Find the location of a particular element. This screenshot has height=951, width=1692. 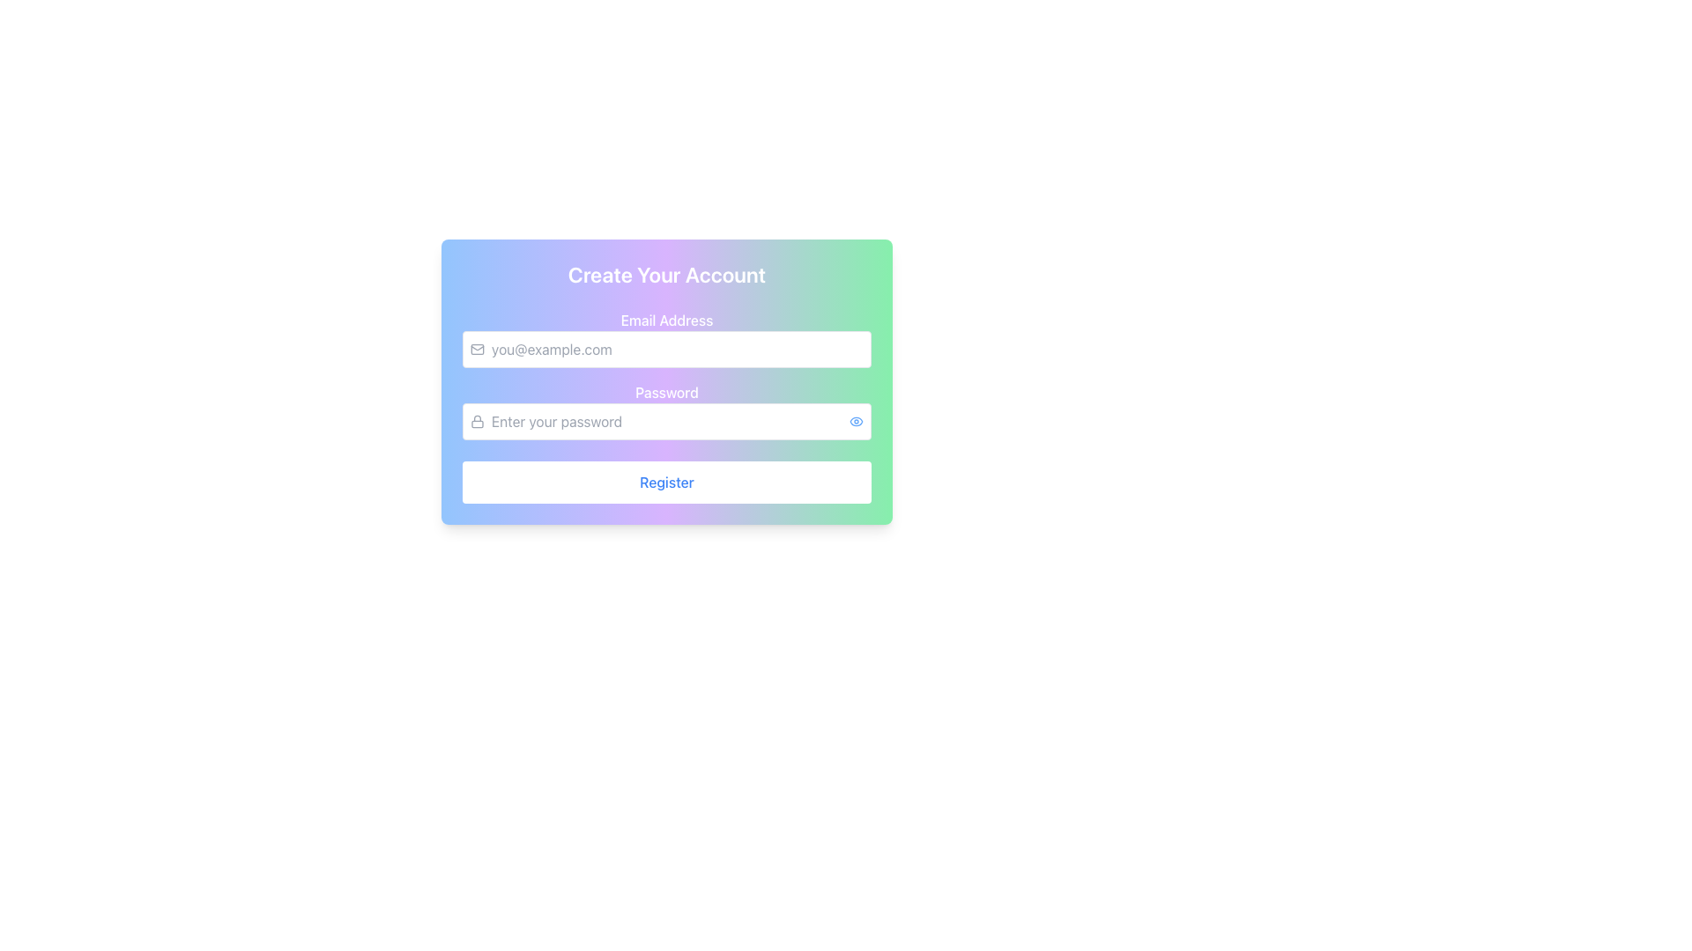

the text label indicating the purpose of the password input field, which is located in the middle section of the form, directly above the password input field is located at coordinates (666, 392).